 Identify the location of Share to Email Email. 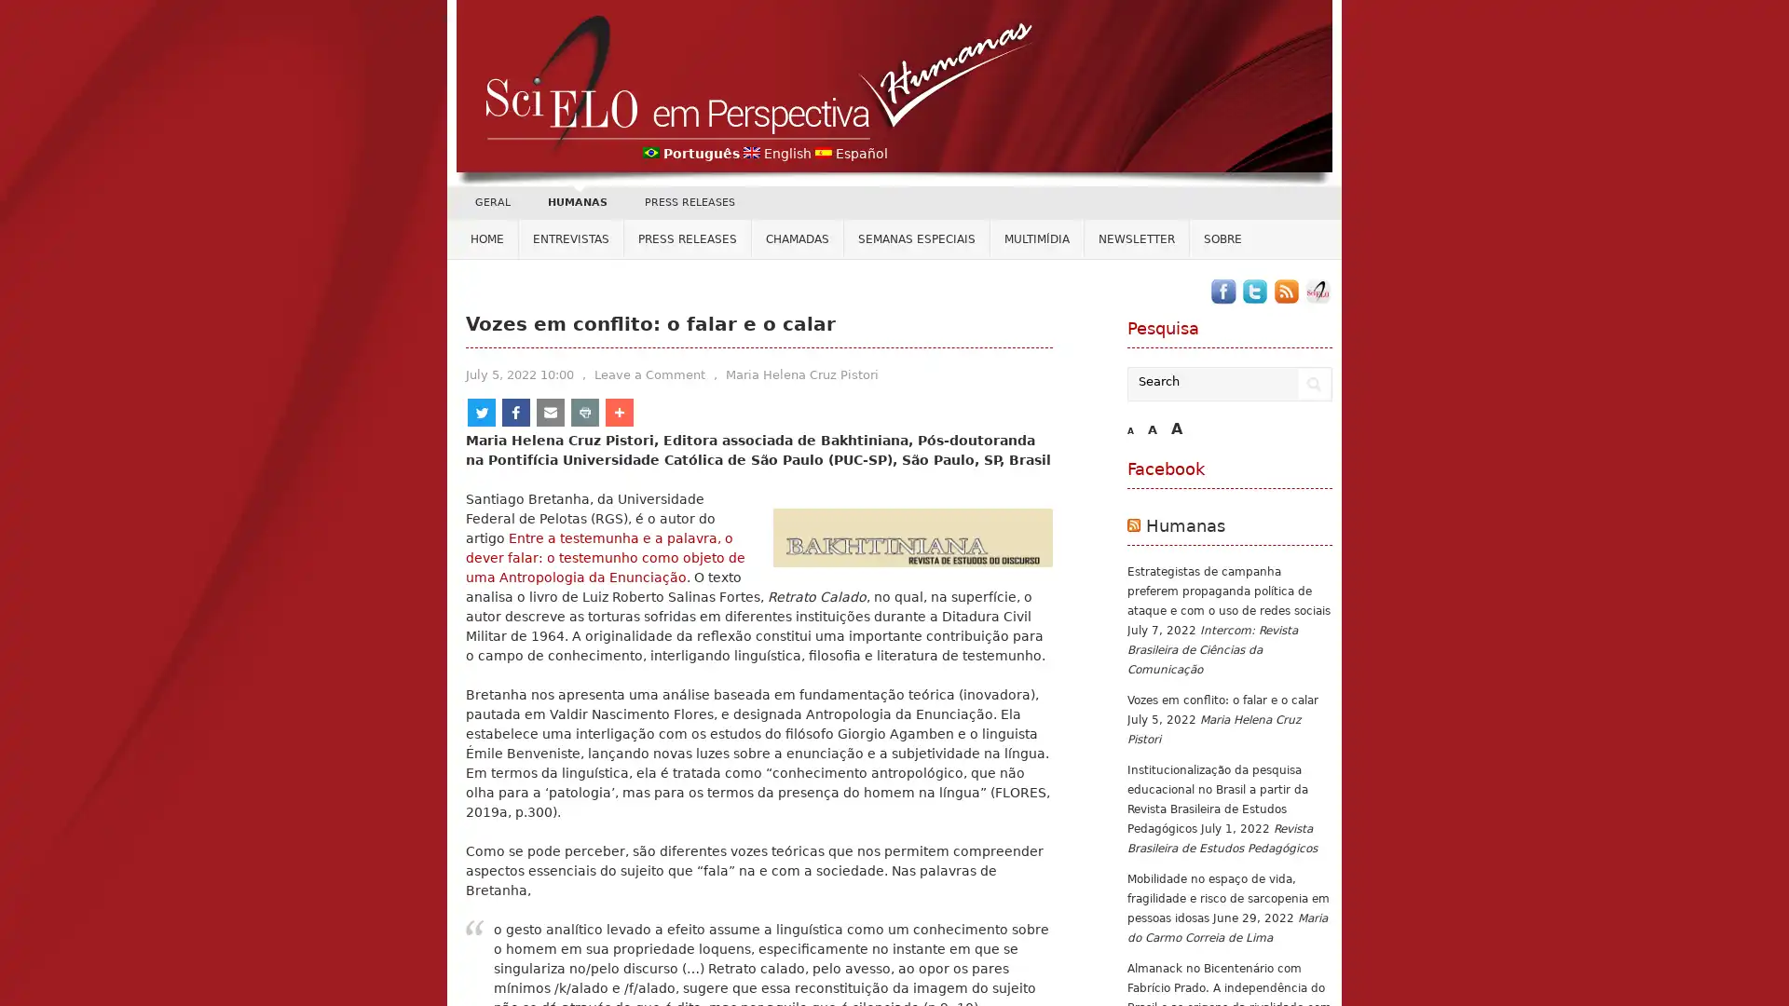
(688, 412).